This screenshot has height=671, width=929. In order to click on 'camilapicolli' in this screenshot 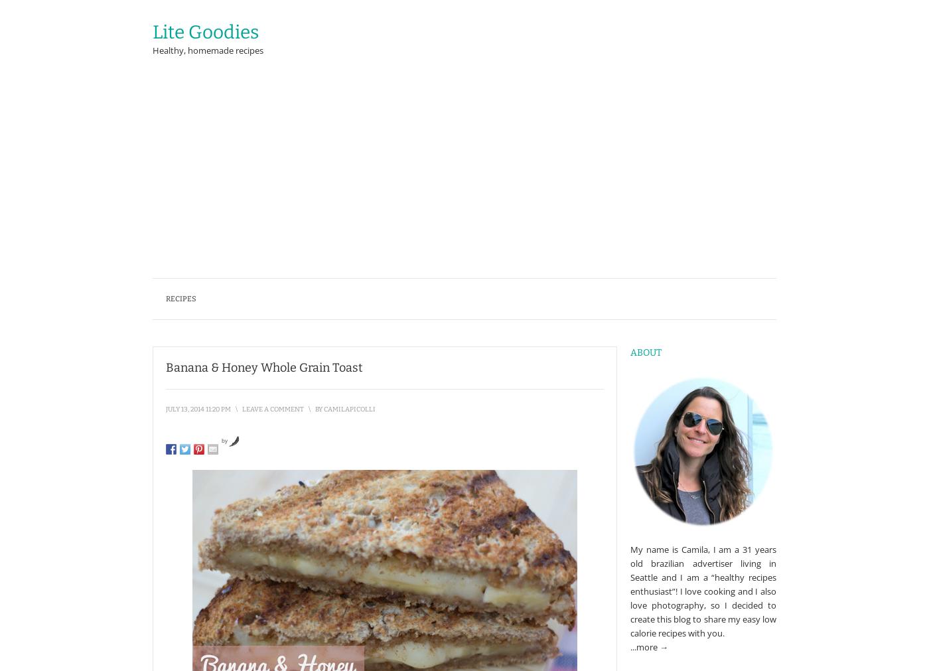, I will do `click(349, 410)`.